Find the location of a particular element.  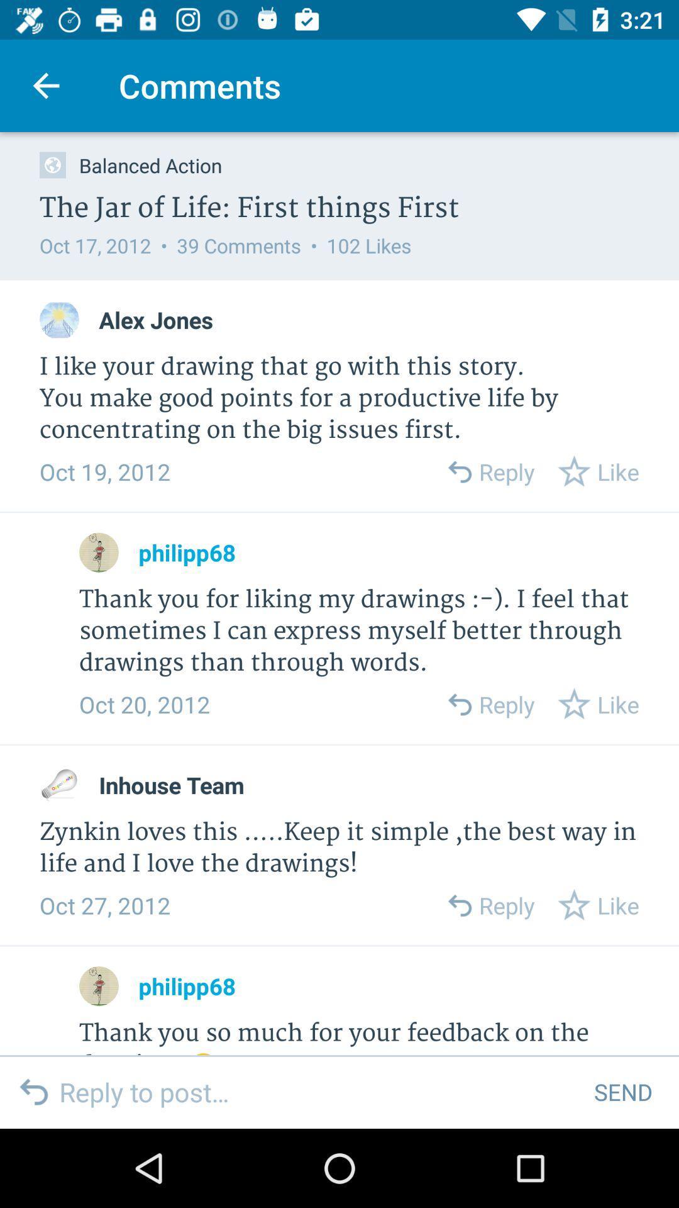

person 's profile is located at coordinates (98, 985).